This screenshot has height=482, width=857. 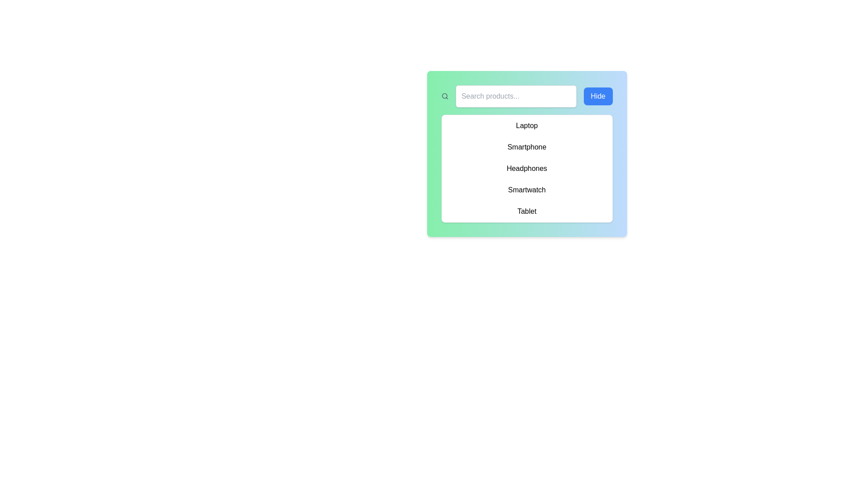 I want to click on the 'Smartphone' text option in the vertical list of selectable items, so click(x=527, y=153).